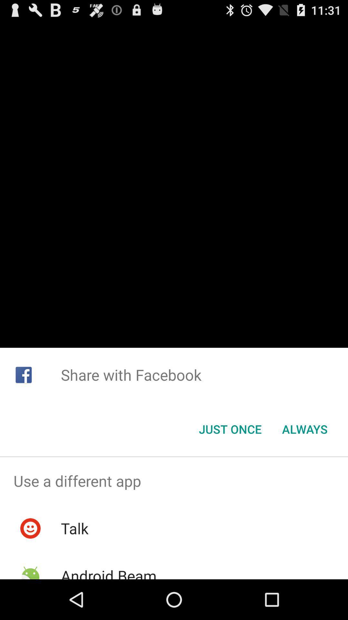 This screenshot has width=348, height=620. What do you see at coordinates (108, 572) in the screenshot?
I see `item below the talk item` at bounding box center [108, 572].